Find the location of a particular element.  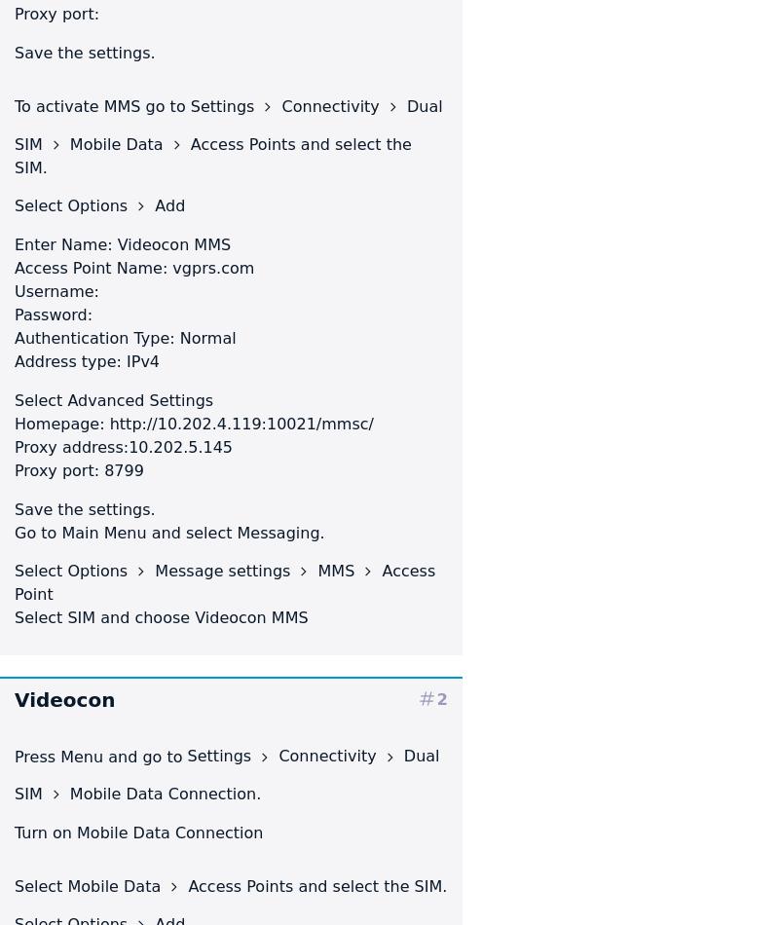

'Messaging' is located at coordinates (278, 532).